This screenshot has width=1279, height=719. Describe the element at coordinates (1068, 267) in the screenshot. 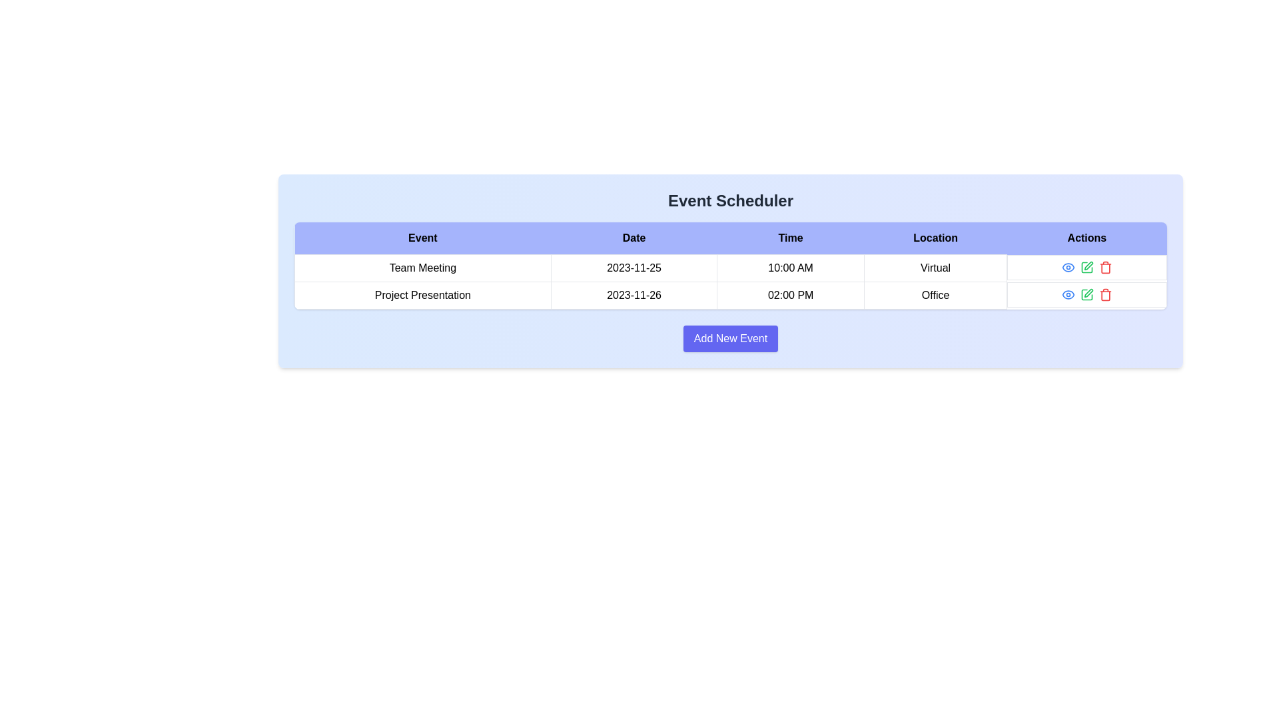

I see `the icon button that toggles the visibility of the associated event, located second from the left in the 'Actions' column of the second row in the table` at that location.